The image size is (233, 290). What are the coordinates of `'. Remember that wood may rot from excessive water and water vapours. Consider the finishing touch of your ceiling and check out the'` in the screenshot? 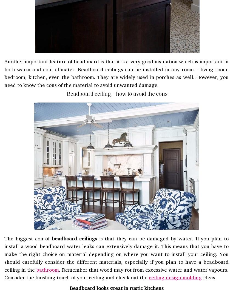 It's located at (116, 273).